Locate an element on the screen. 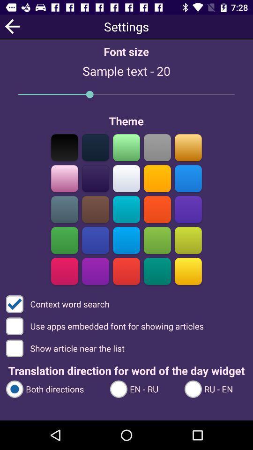 This screenshot has width=253, height=450. go green is located at coordinates (64, 240).